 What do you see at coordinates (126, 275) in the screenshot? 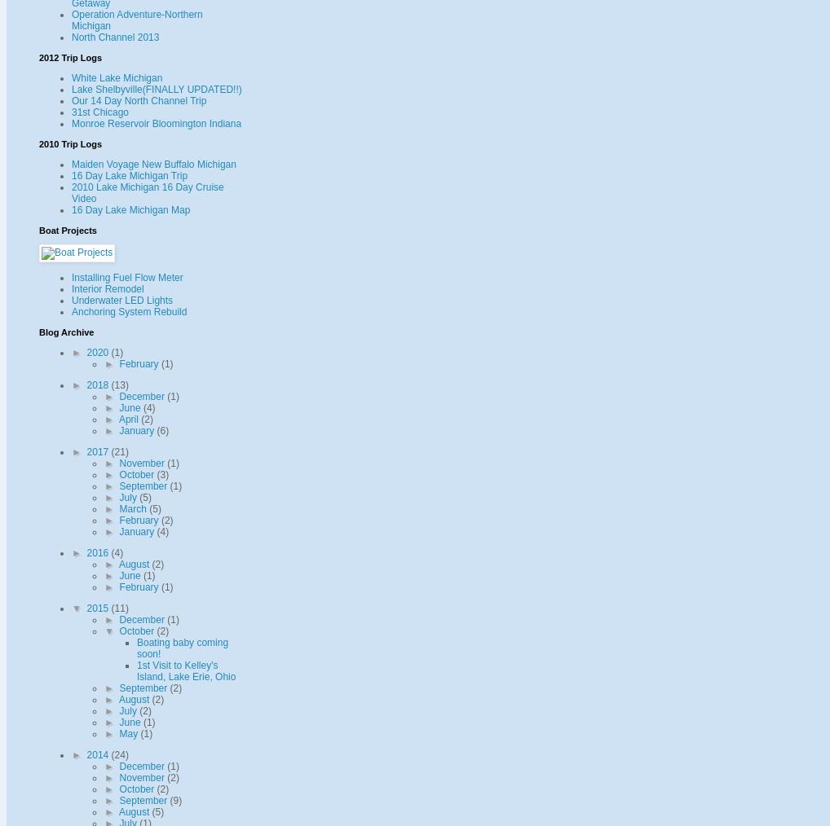
I see `'Installing Fuel Flow Meter'` at bounding box center [126, 275].